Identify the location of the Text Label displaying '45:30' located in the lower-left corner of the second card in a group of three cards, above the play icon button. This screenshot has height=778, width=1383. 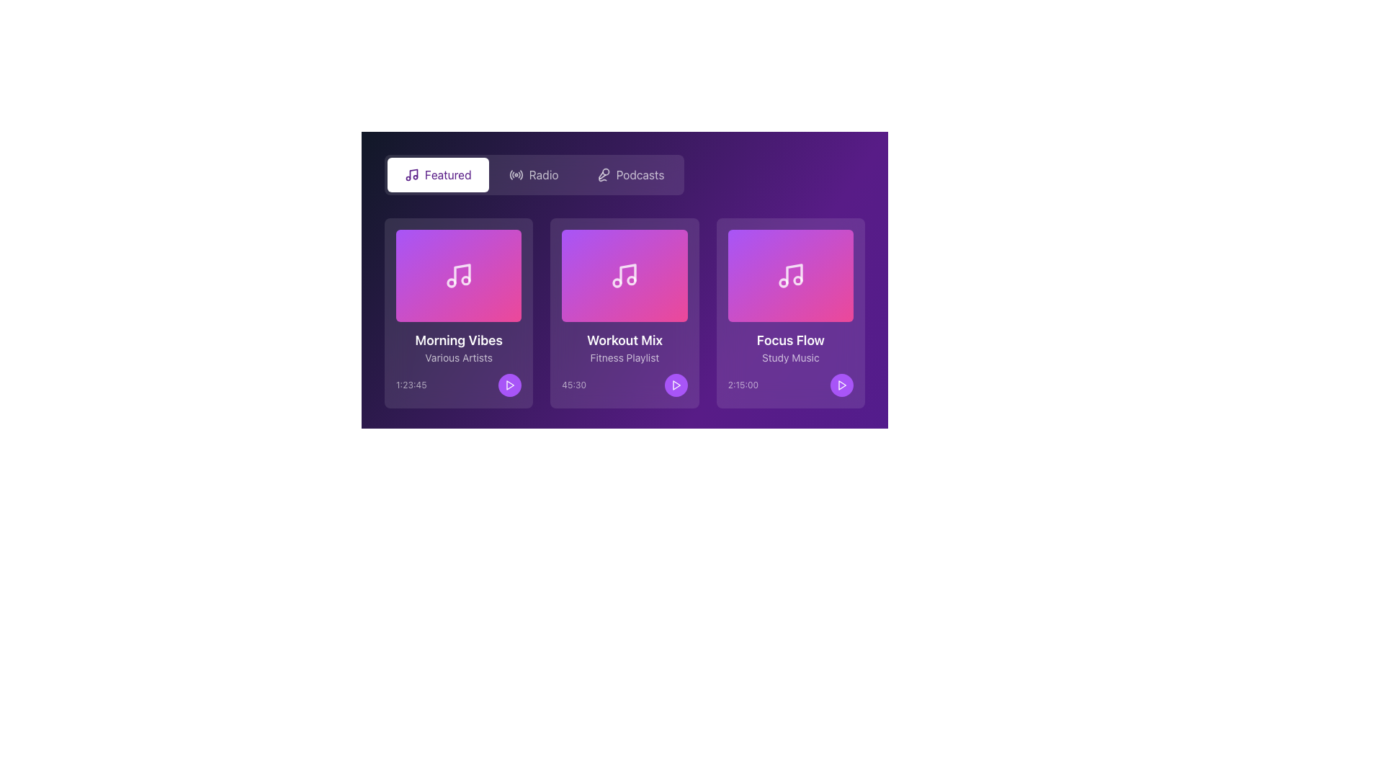
(573, 385).